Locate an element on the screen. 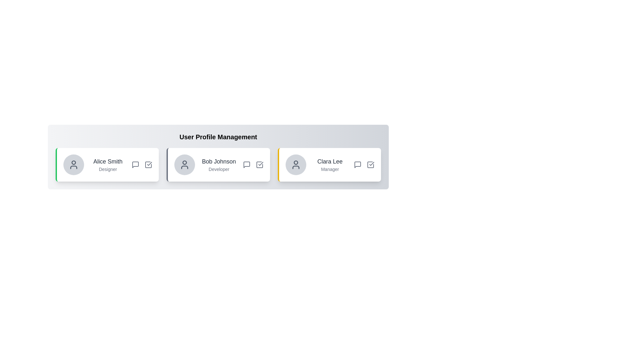  the avatar icon representing 'Alice Smith' at the beginning of the profile card, which features a circular user silhouette on a light gray background is located at coordinates (73, 164).